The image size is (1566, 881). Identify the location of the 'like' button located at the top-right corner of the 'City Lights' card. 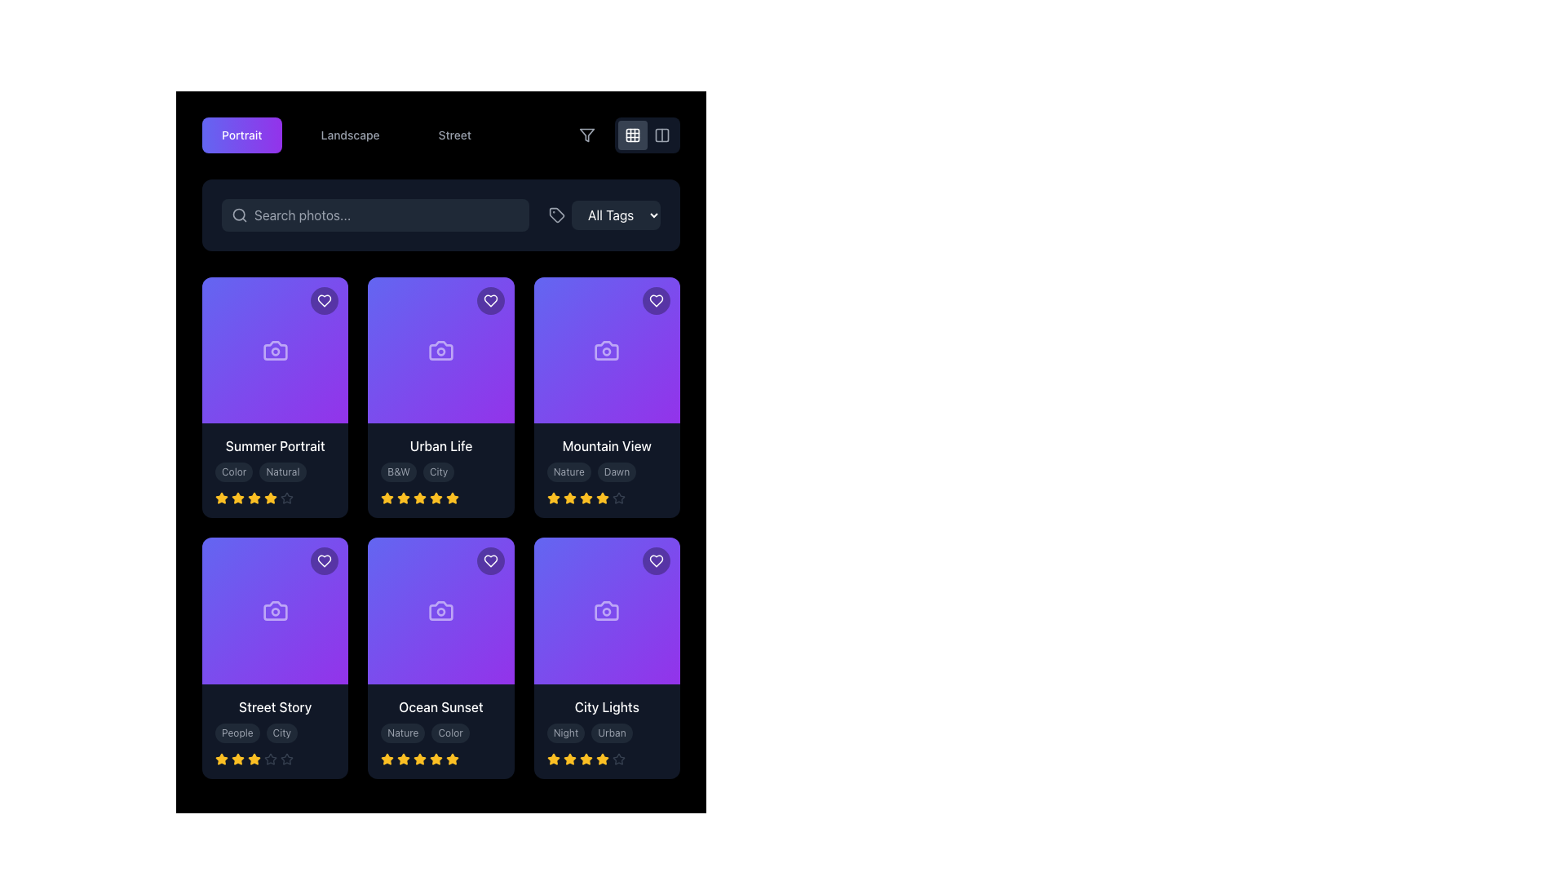
(657, 560).